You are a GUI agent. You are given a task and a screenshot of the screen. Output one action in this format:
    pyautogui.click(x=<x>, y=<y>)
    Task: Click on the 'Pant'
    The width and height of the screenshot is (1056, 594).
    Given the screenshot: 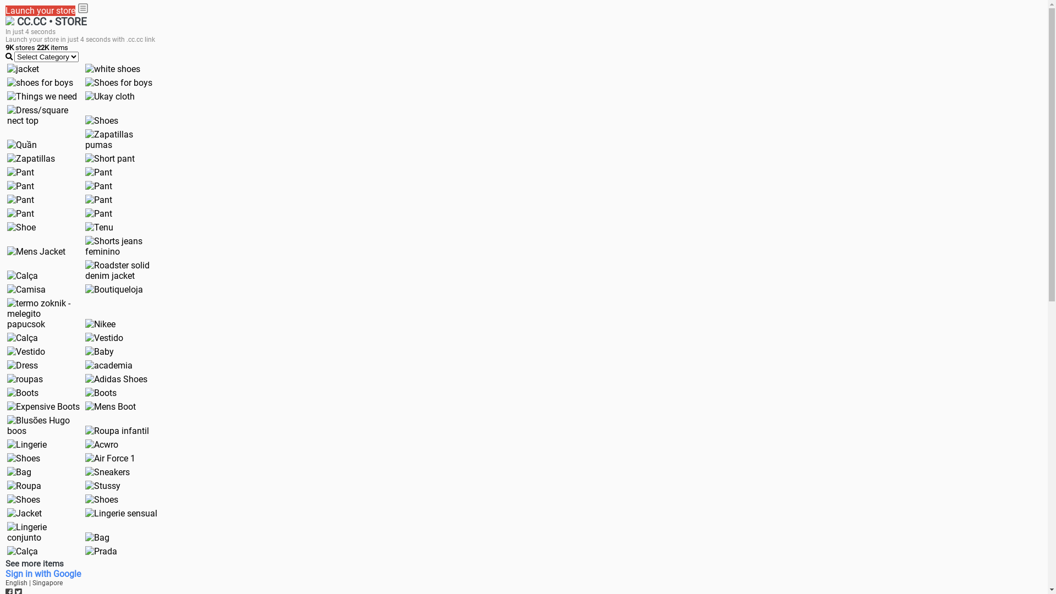 What is the action you would take?
    pyautogui.click(x=20, y=172)
    